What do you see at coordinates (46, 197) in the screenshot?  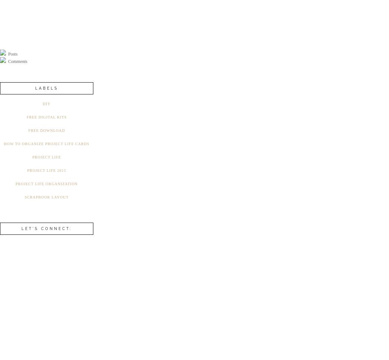 I see `'Scrapbook Layout'` at bounding box center [46, 197].